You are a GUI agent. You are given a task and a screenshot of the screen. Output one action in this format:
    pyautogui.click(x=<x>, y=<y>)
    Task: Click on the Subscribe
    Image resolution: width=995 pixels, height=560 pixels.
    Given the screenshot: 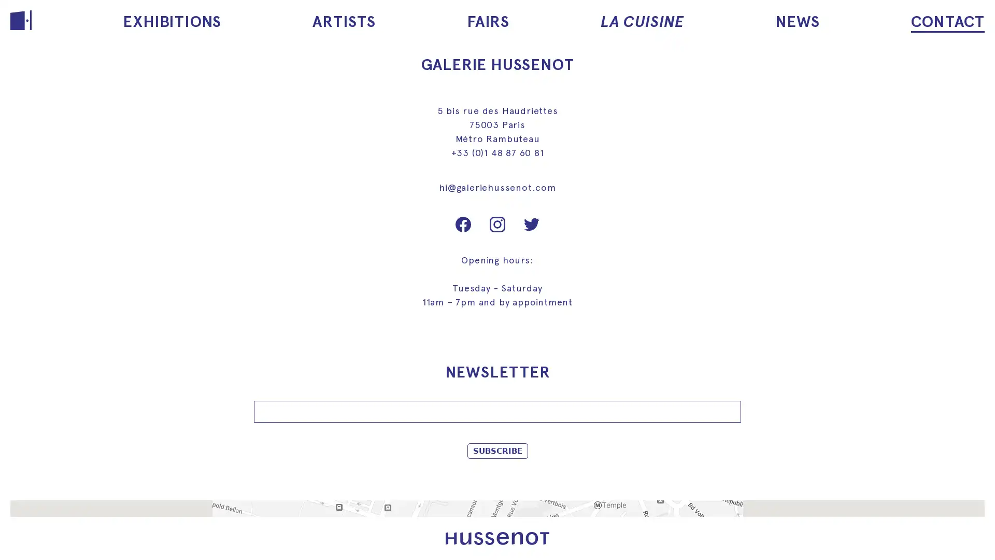 What is the action you would take?
    pyautogui.click(x=496, y=450)
    